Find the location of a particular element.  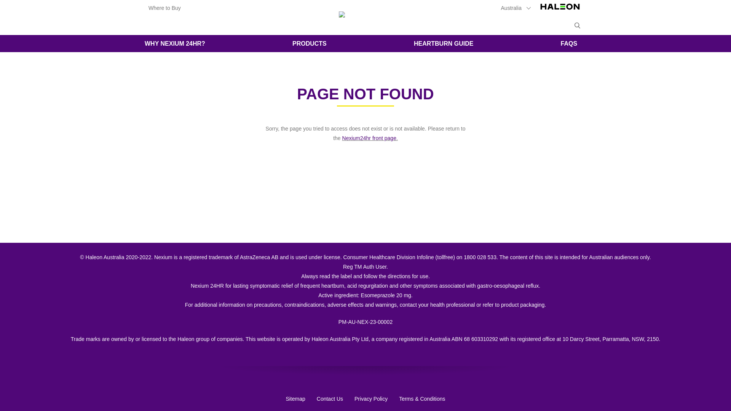

'Where to Buy' is located at coordinates (148, 8).